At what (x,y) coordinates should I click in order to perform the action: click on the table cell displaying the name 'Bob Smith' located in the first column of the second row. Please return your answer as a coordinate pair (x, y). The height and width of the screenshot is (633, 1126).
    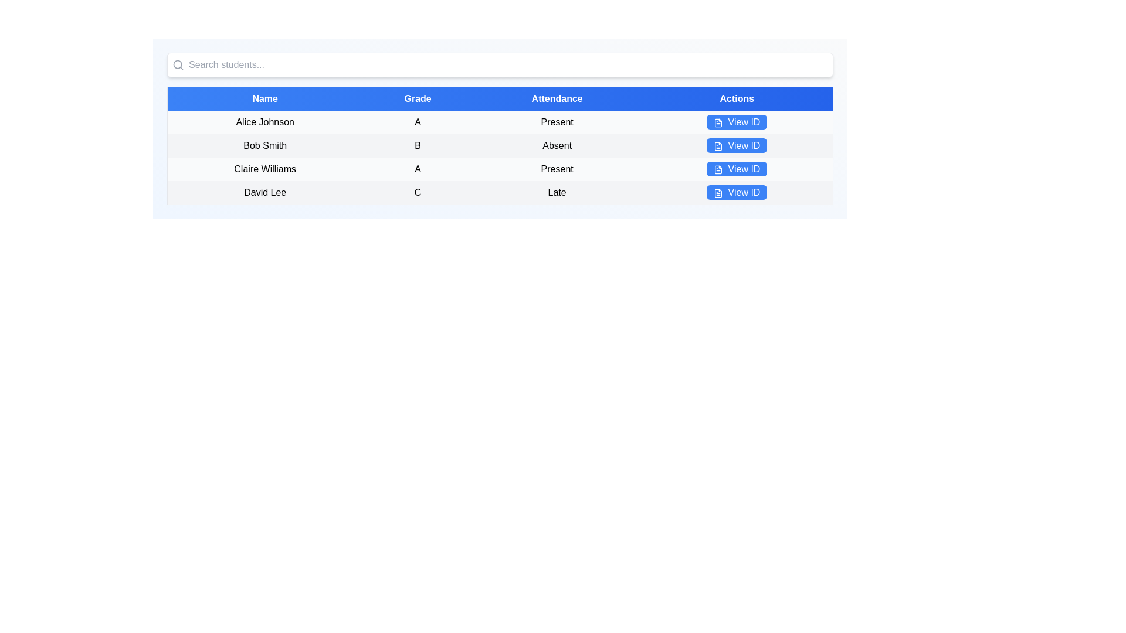
    Looking at the image, I should click on (264, 145).